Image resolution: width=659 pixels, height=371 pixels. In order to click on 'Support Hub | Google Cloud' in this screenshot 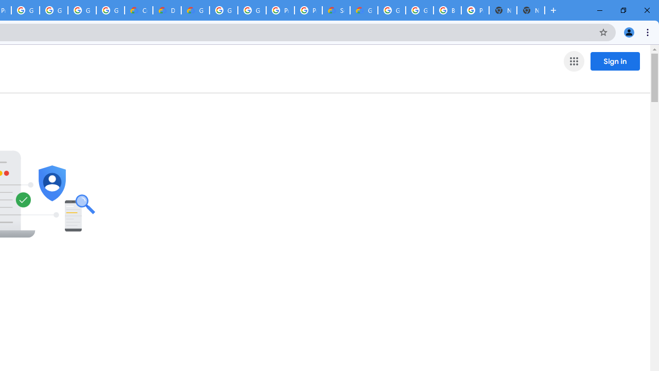, I will do `click(336, 10)`.